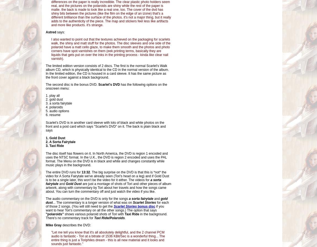 This screenshot has height=247, width=317. Describe the element at coordinates (54, 146) in the screenshot. I see `'3. Taxi Ride'` at that location.